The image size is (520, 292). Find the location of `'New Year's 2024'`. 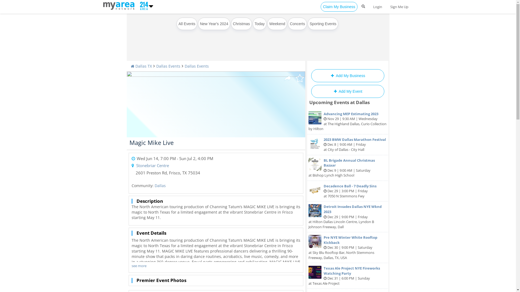

'New Year's 2024' is located at coordinates (214, 24).